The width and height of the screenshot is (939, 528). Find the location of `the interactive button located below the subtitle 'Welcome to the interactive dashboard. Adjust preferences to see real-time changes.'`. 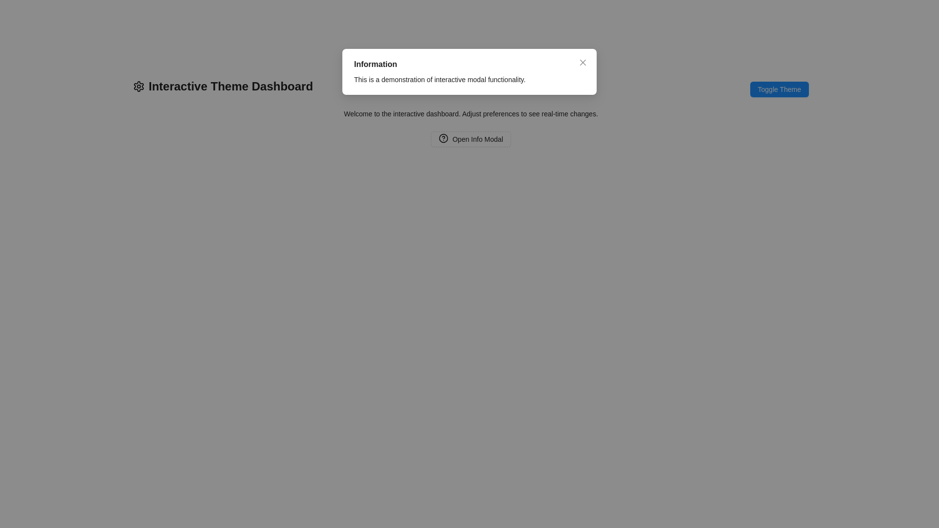

the interactive button located below the subtitle 'Welcome to the interactive dashboard. Adjust preferences to see real-time changes.' is located at coordinates (471, 139).